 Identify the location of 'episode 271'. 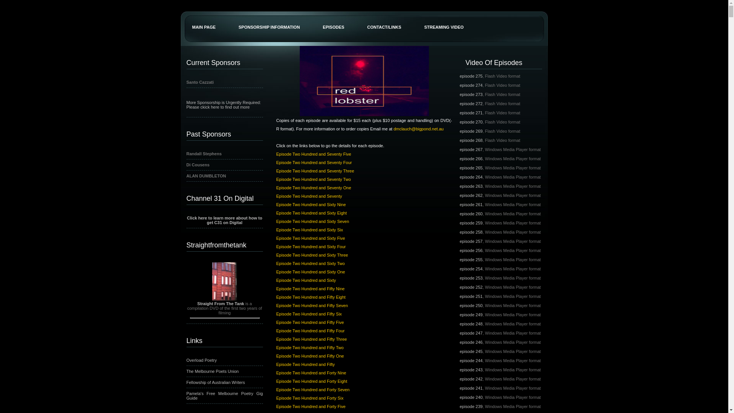
(471, 112).